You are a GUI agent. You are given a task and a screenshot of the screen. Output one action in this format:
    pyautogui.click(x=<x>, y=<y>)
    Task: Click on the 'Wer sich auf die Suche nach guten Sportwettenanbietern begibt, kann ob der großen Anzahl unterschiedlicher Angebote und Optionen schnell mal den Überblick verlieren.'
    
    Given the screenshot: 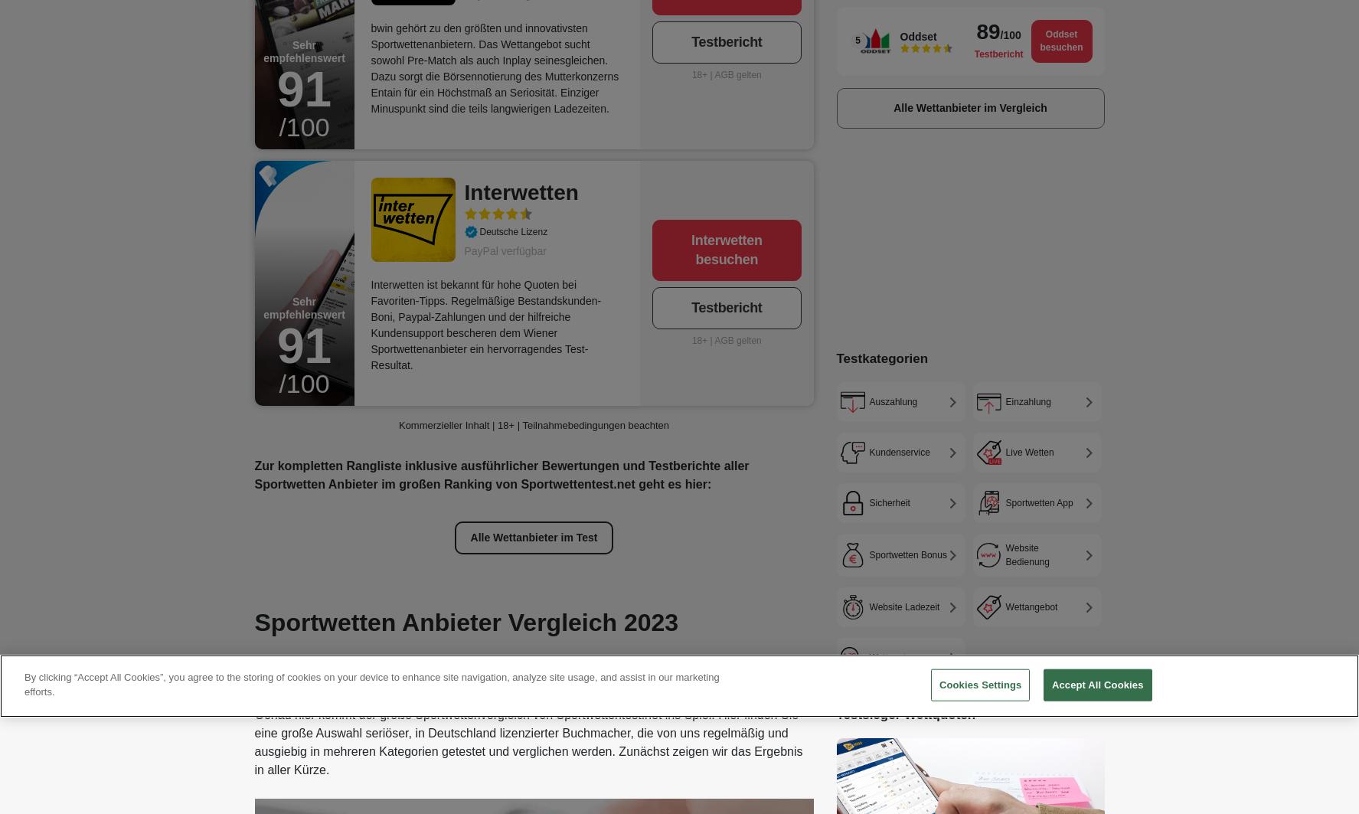 What is the action you would take?
    pyautogui.click(x=503, y=673)
    